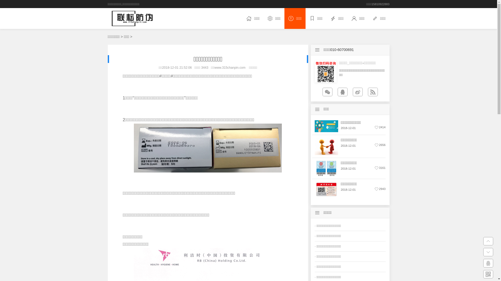 The image size is (501, 281). Describe the element at coordinates (380, 4) in the screenshot. I see `'15810922883'` at that location.